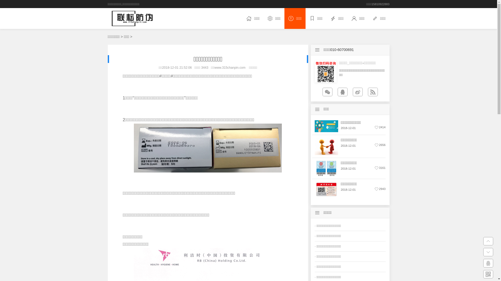 The image size is (501, 281). Describe the element at coordinates (380, 4) in the screenshot. I see `'15810922883'` at that location.